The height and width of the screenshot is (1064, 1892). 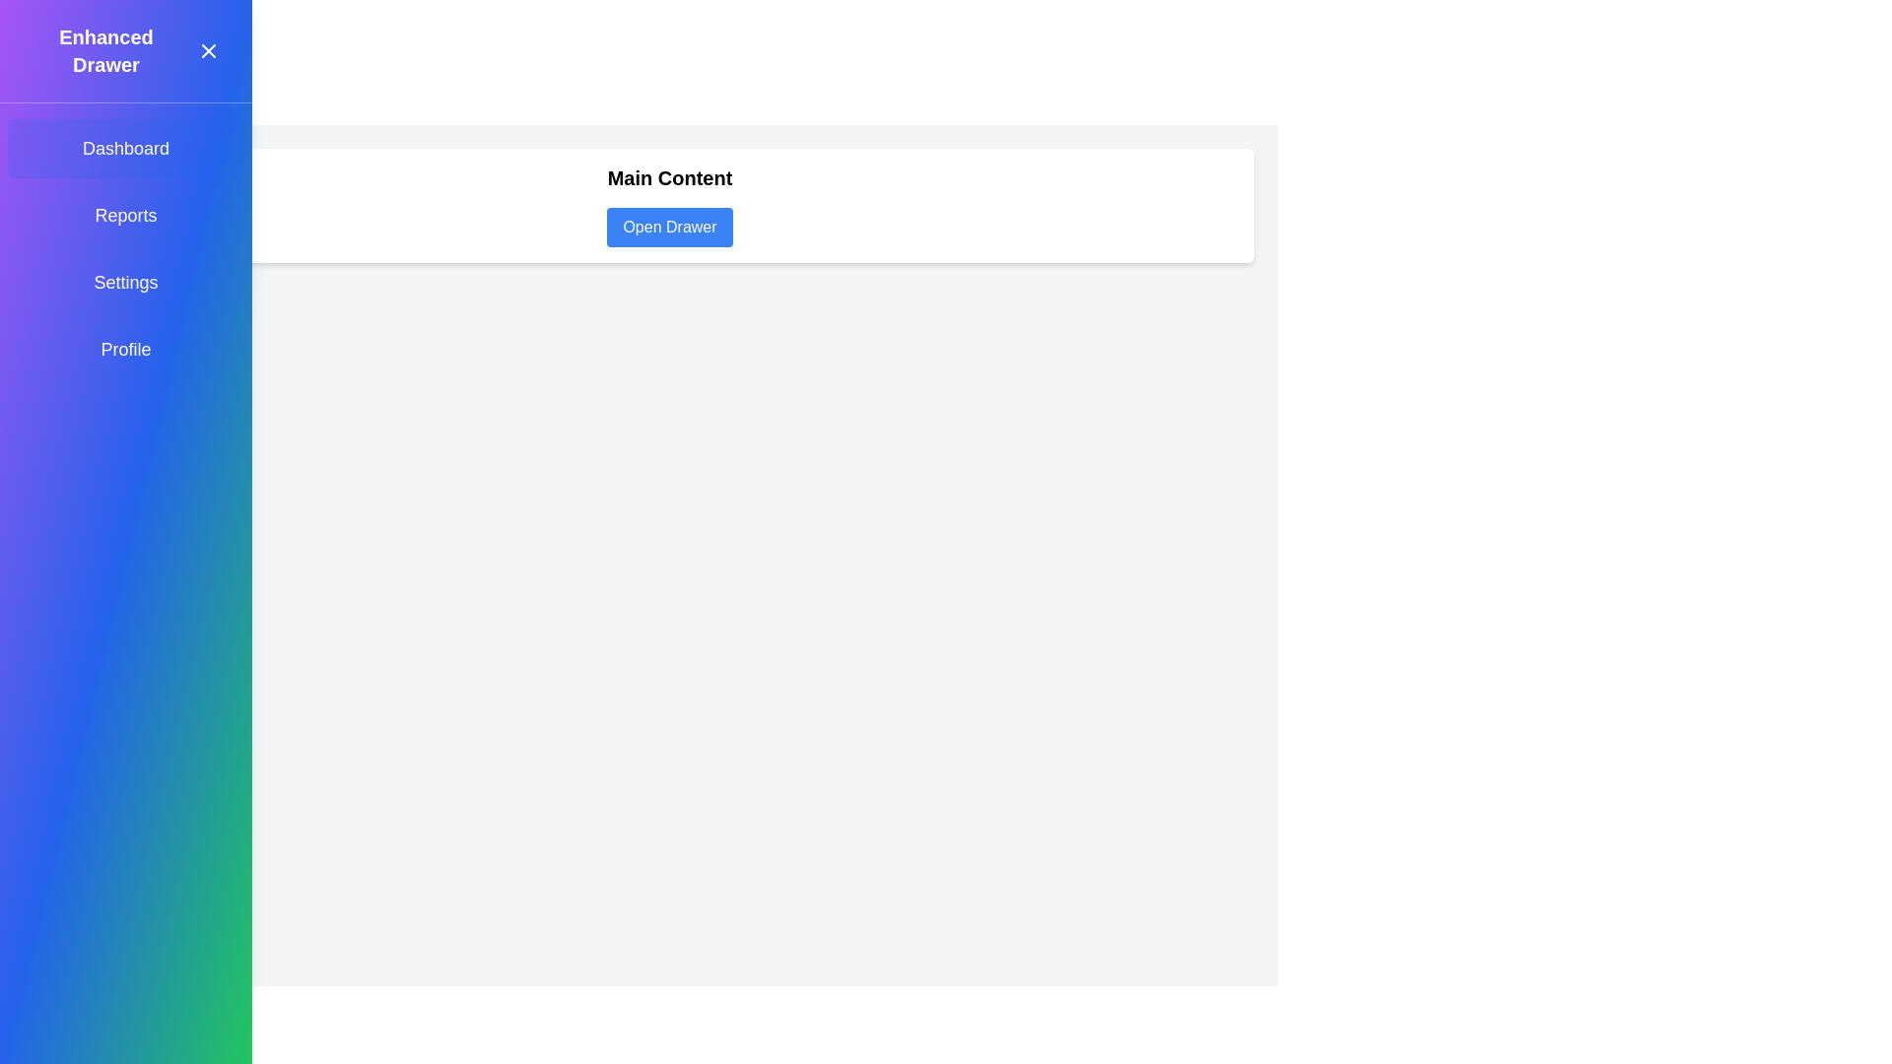 What do you see at coordinates (125, 348) in the screenshot?
I see `the menu item Profile from the drawer` at bounding box center [125, 348].